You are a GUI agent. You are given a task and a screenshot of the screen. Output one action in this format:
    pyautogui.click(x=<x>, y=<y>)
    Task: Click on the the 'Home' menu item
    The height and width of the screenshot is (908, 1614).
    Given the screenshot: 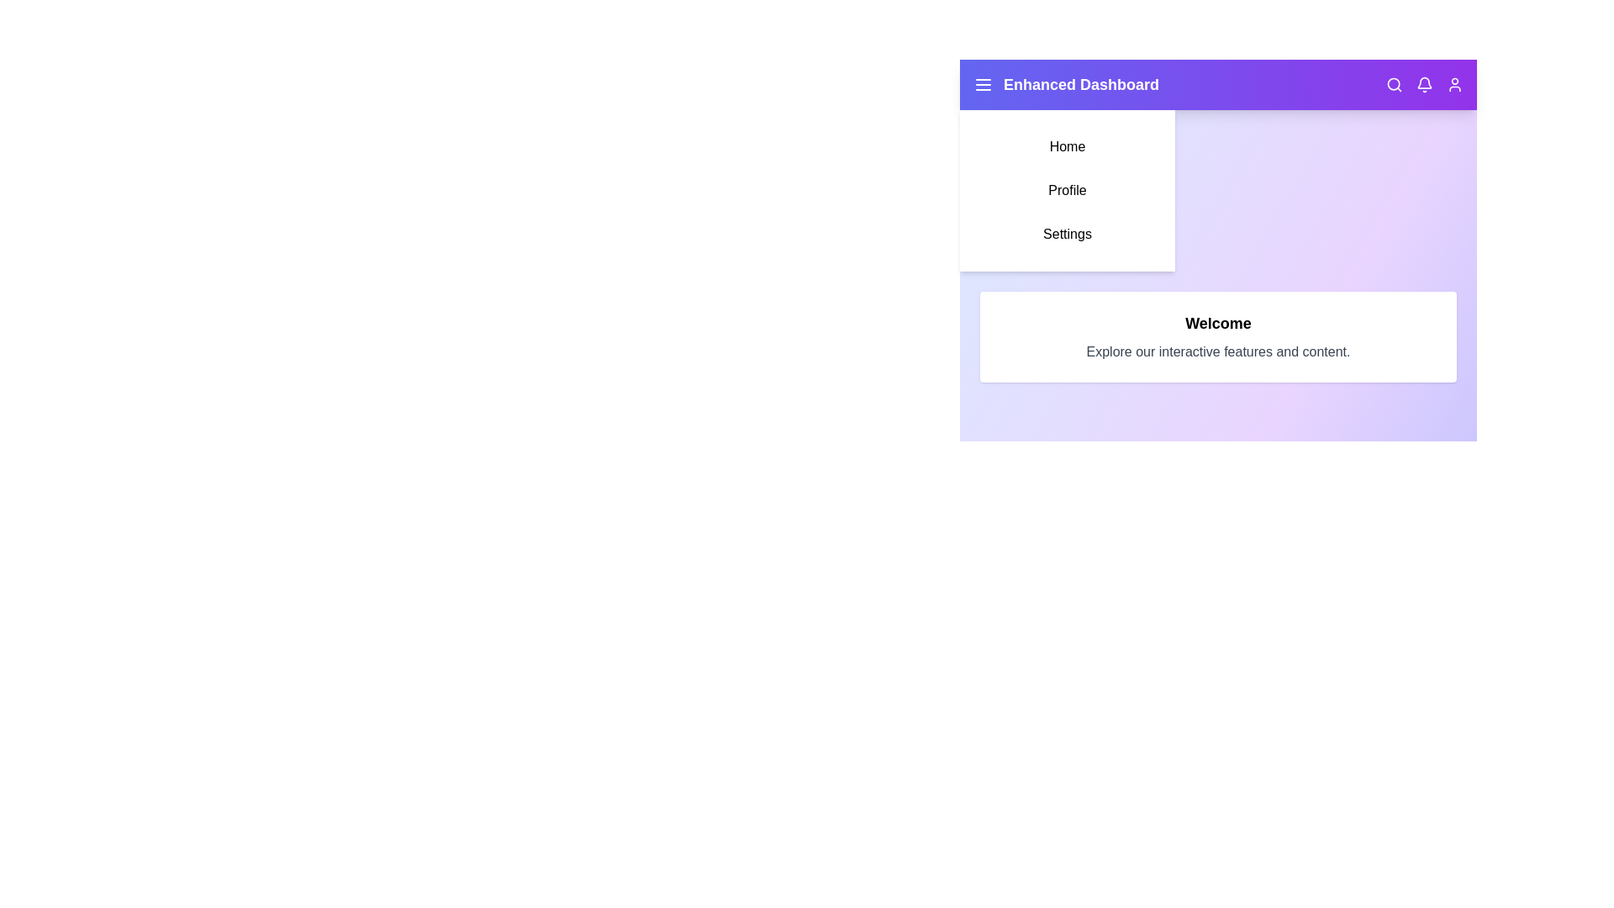 What is the action you would take?
    pyautogui.click(x=1067, y=145)
    